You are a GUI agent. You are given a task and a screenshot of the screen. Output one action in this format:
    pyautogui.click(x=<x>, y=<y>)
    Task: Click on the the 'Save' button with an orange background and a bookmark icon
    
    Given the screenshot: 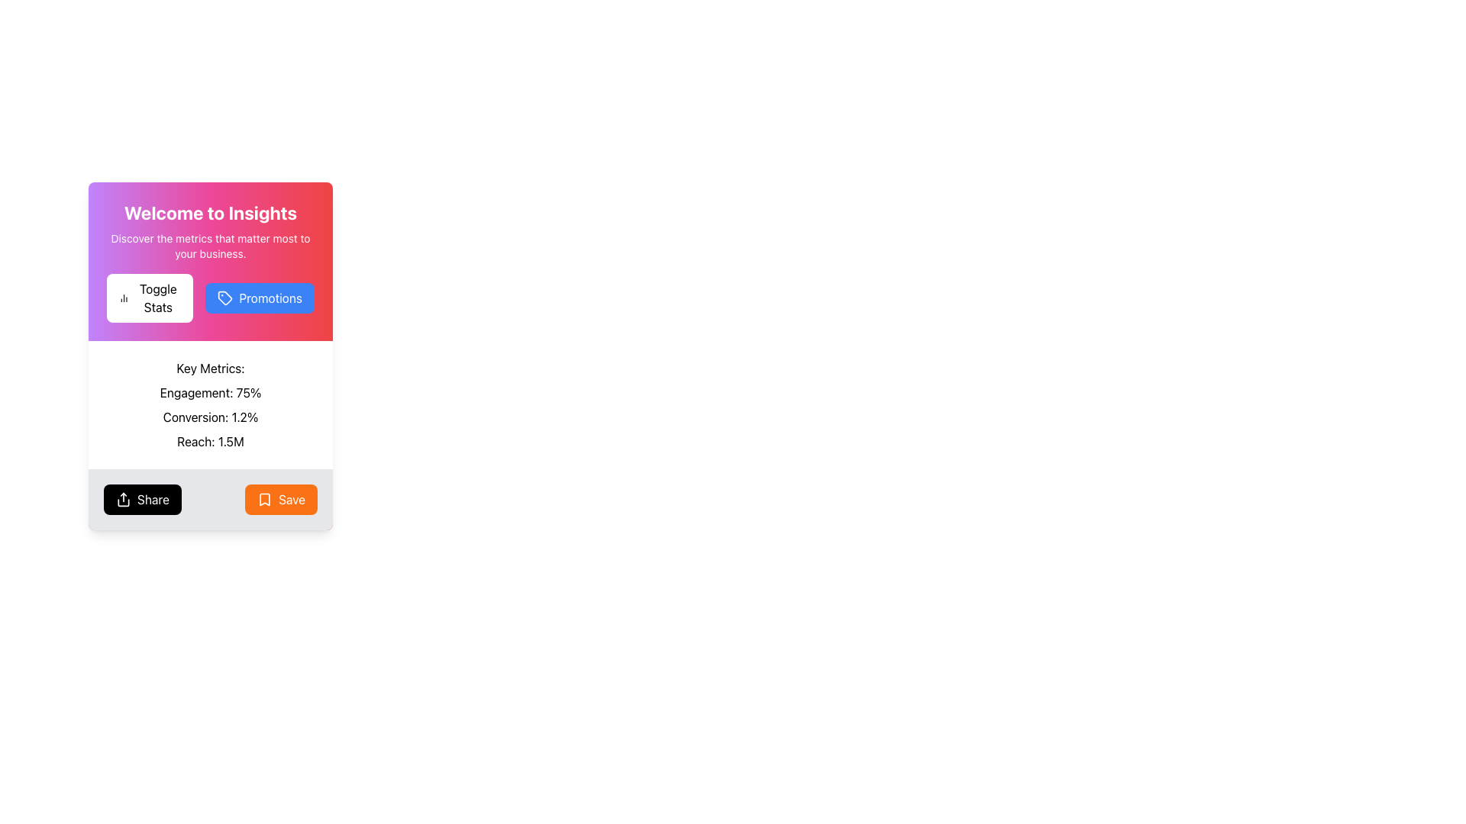 What is the action you would take?
    pyautogui.click(x=281, y=500)
    